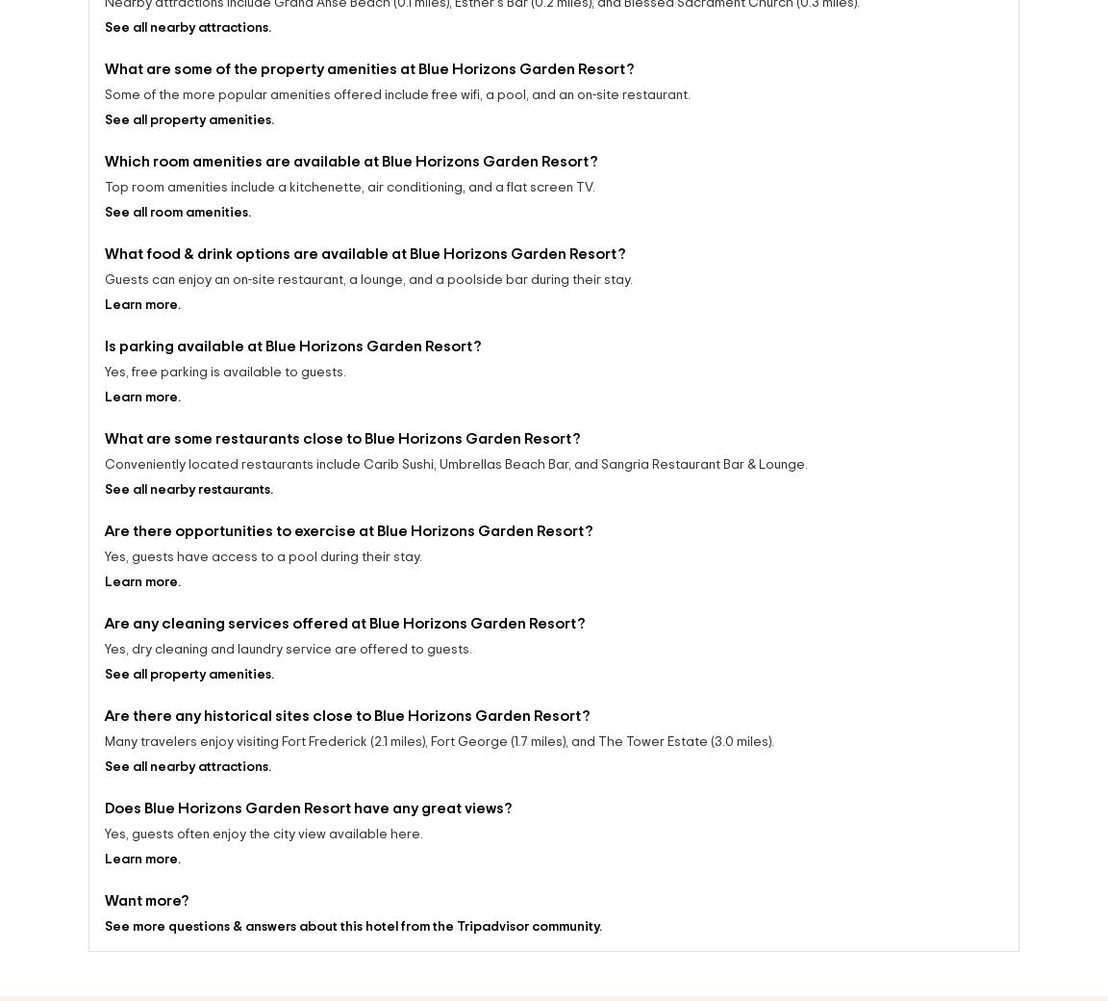 Image resolution: width=1108 pixels, height=1001 pixels. What do you see at coordinates (287, 654) in the screenshot?
I see `'Yes, dry cleaning and laundry service are offered to guests.'` at bounding box center [287, 654].